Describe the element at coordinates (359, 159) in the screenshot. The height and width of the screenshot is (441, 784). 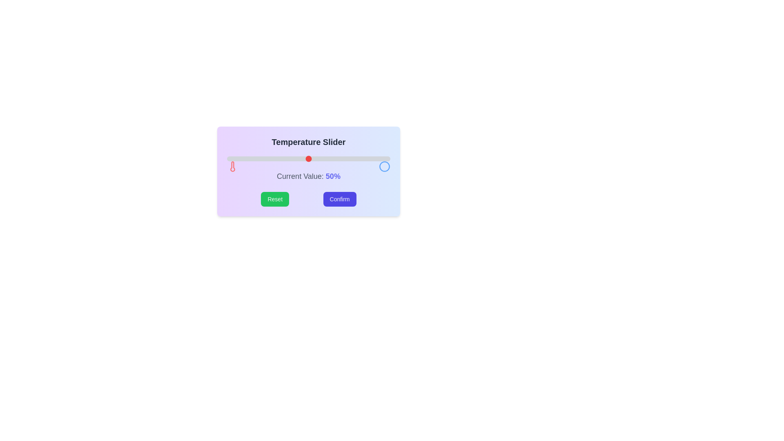
I see `the slider to set the value to 81` at that location.